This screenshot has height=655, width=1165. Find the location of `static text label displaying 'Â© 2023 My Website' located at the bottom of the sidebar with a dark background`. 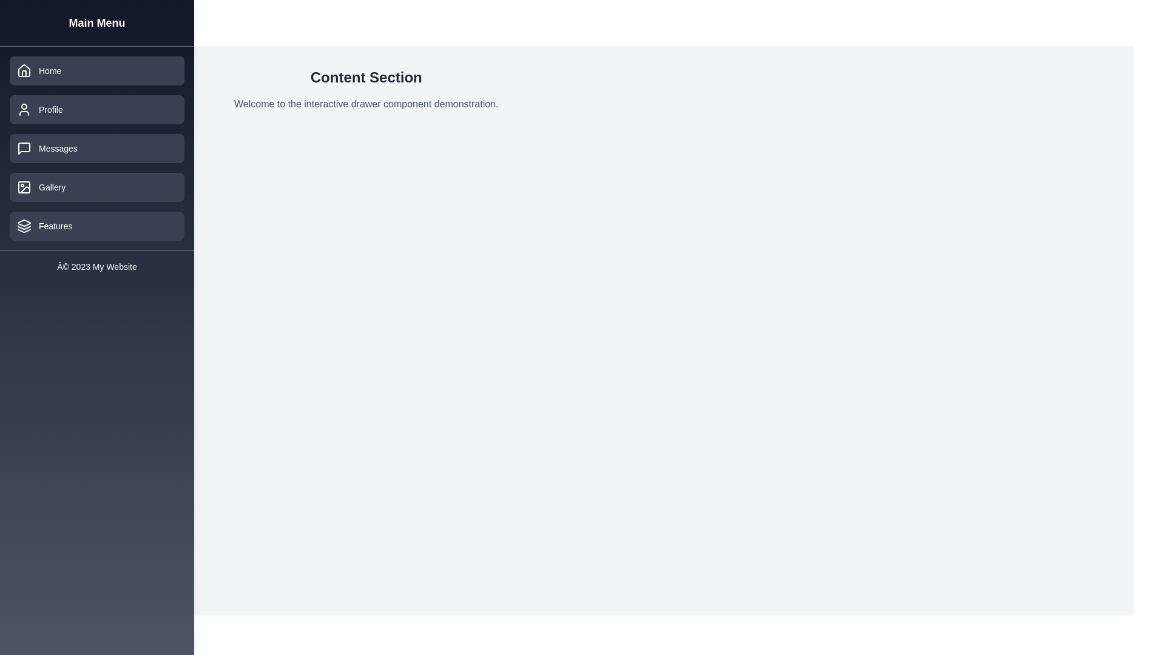

static text label displaying 'Â© 2023 My Website' located at the bottom of the sidebar with a dark background is located at coordinates (96, 266).